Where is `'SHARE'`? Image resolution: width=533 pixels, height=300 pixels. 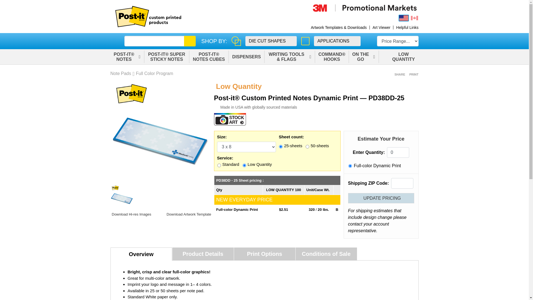
'SHARE' is located at coordinates (399, 74).